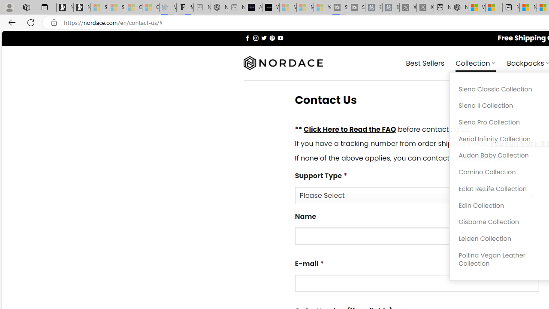  What do you see at coordinates (253, 7) in the screenshot?
I see `'AI Voice Changer for PC and Mac - Voice.ai'` at bounding box center [253, 7].